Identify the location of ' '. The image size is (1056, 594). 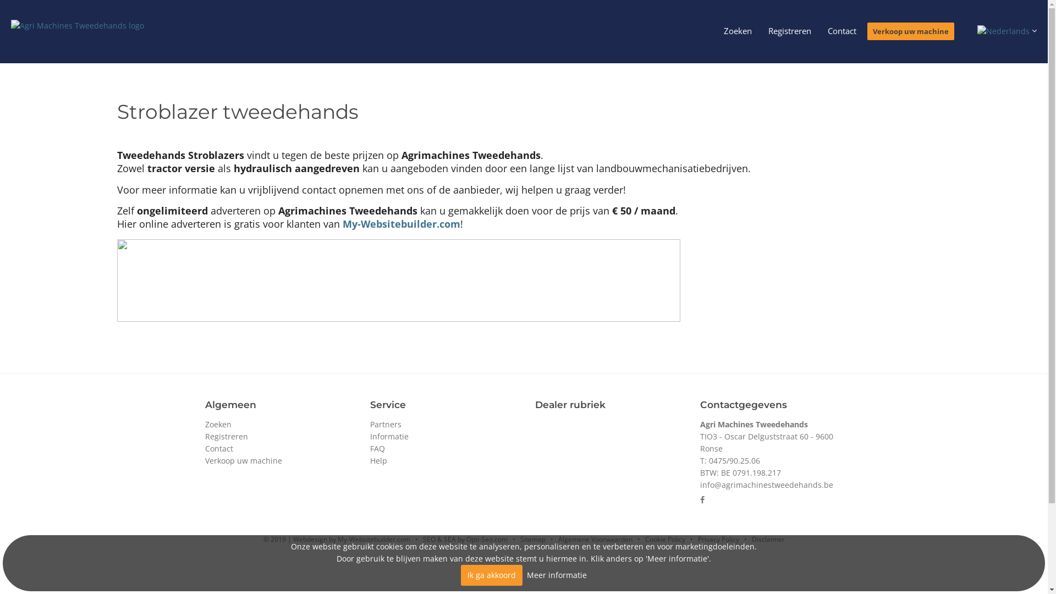
(1006, 29).